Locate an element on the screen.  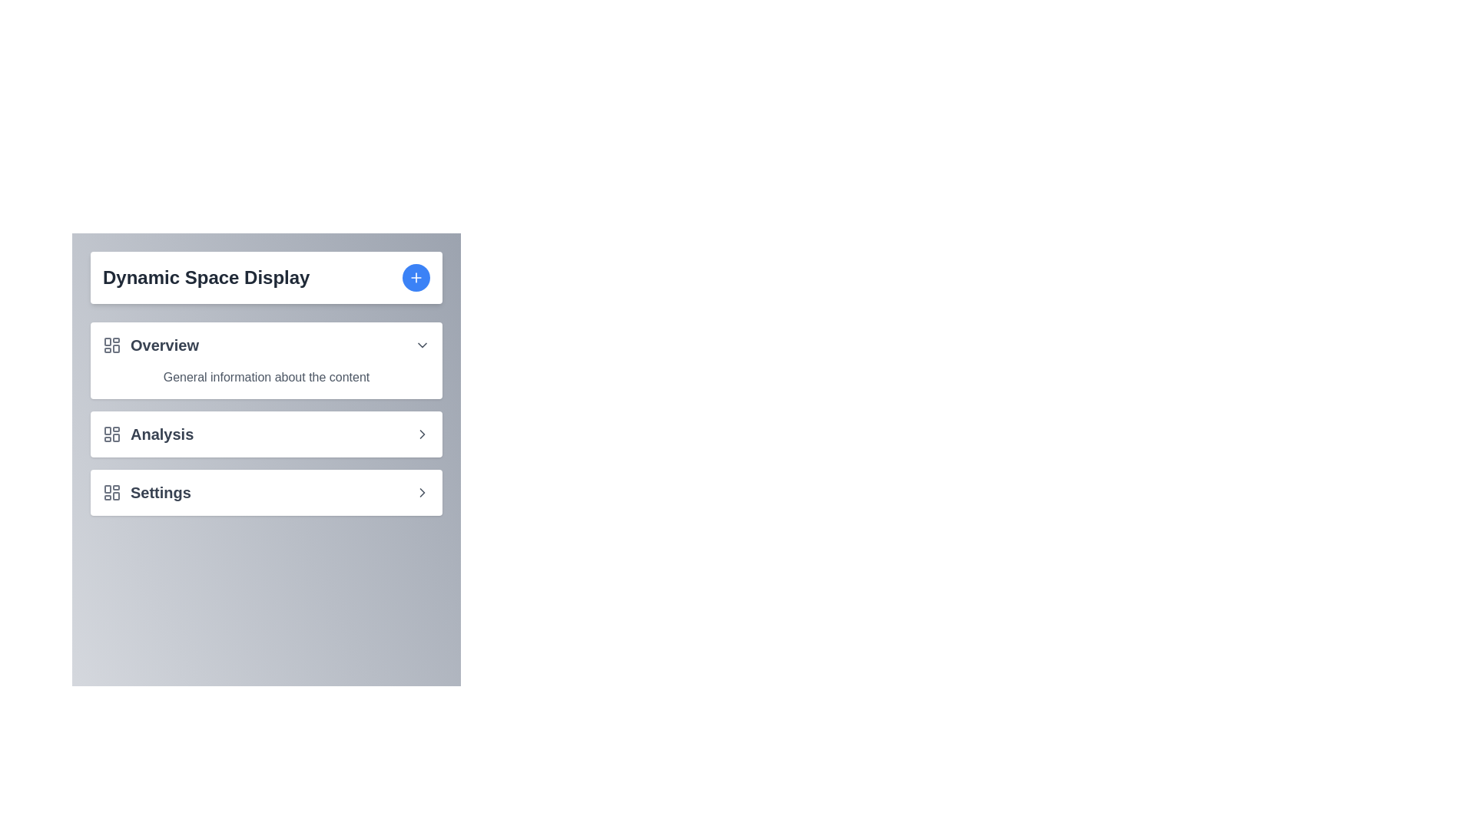
the Chevron Icon pointing to the right located in the Settings row is located at coordinates (423, 492).